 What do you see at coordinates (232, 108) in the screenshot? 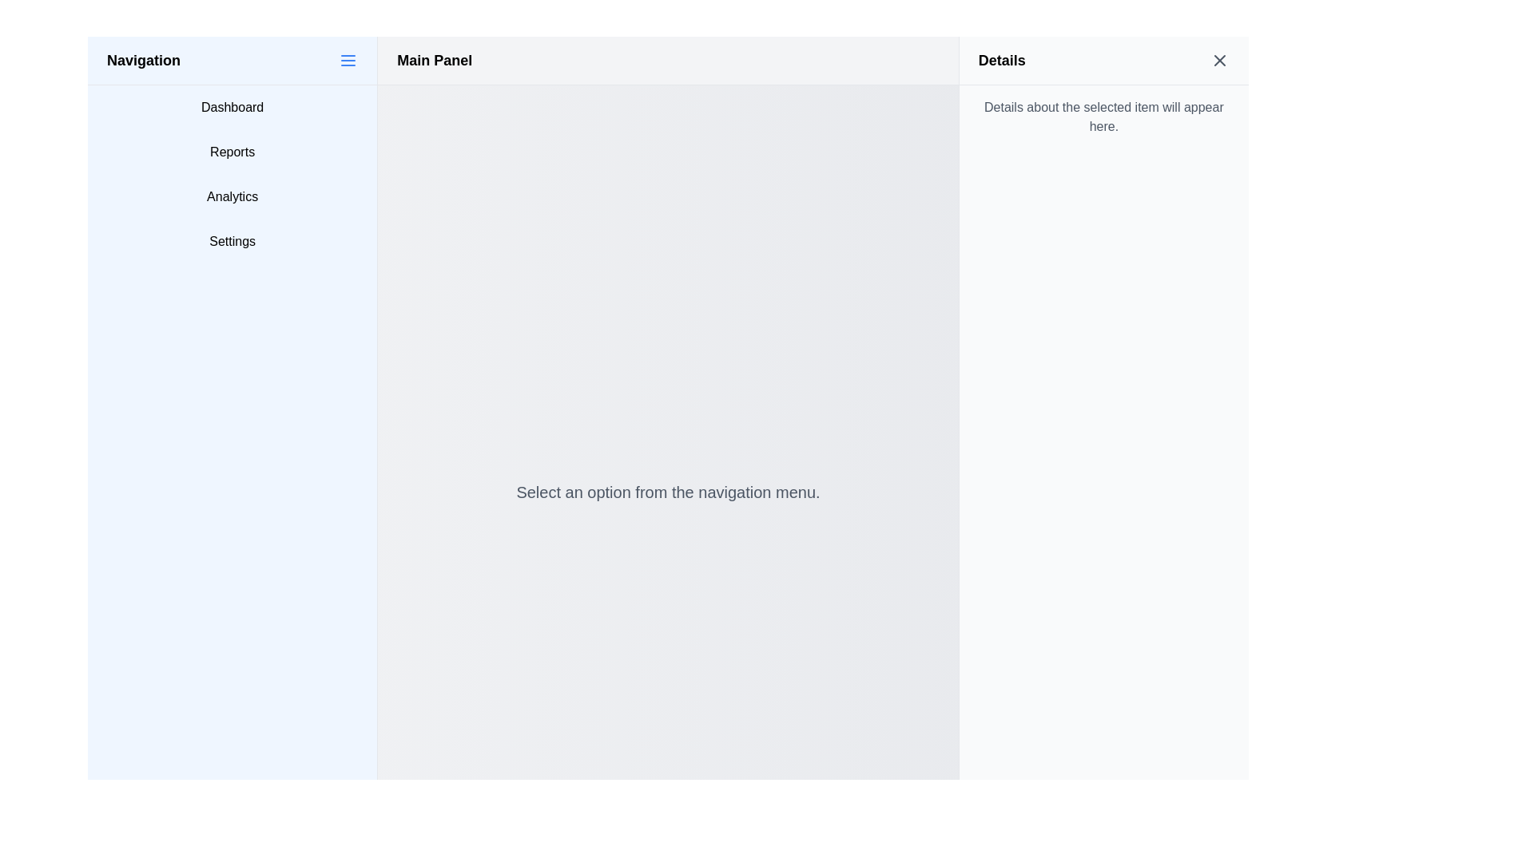
I see `the 'Dashboard' menu item in bold black font on a light blue background` at bounding box center [232, 108].